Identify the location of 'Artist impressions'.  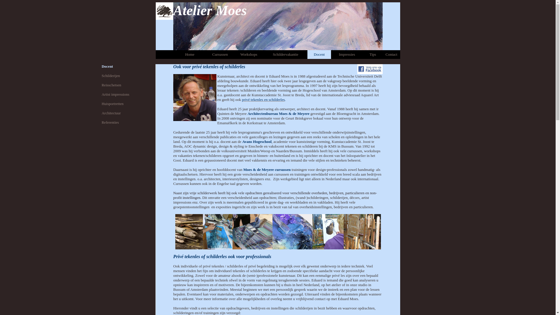
(115, 94).